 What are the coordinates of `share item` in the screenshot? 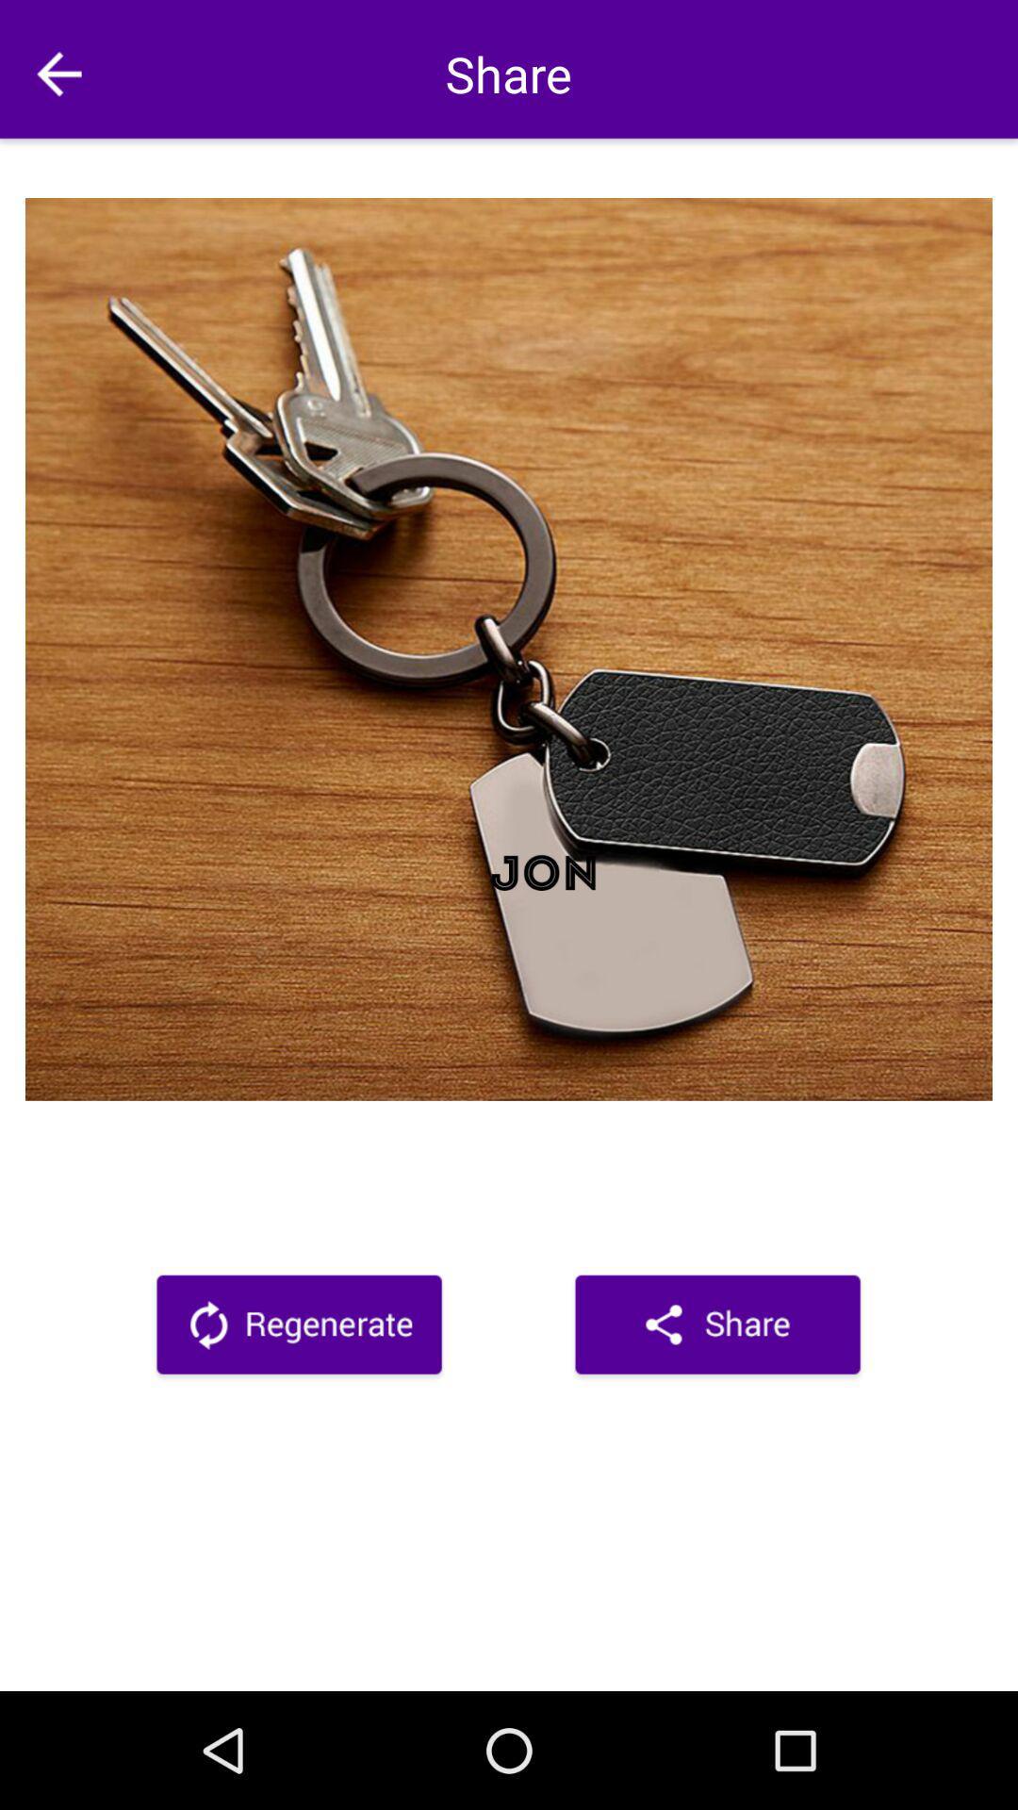 It's located at (717, 1327).